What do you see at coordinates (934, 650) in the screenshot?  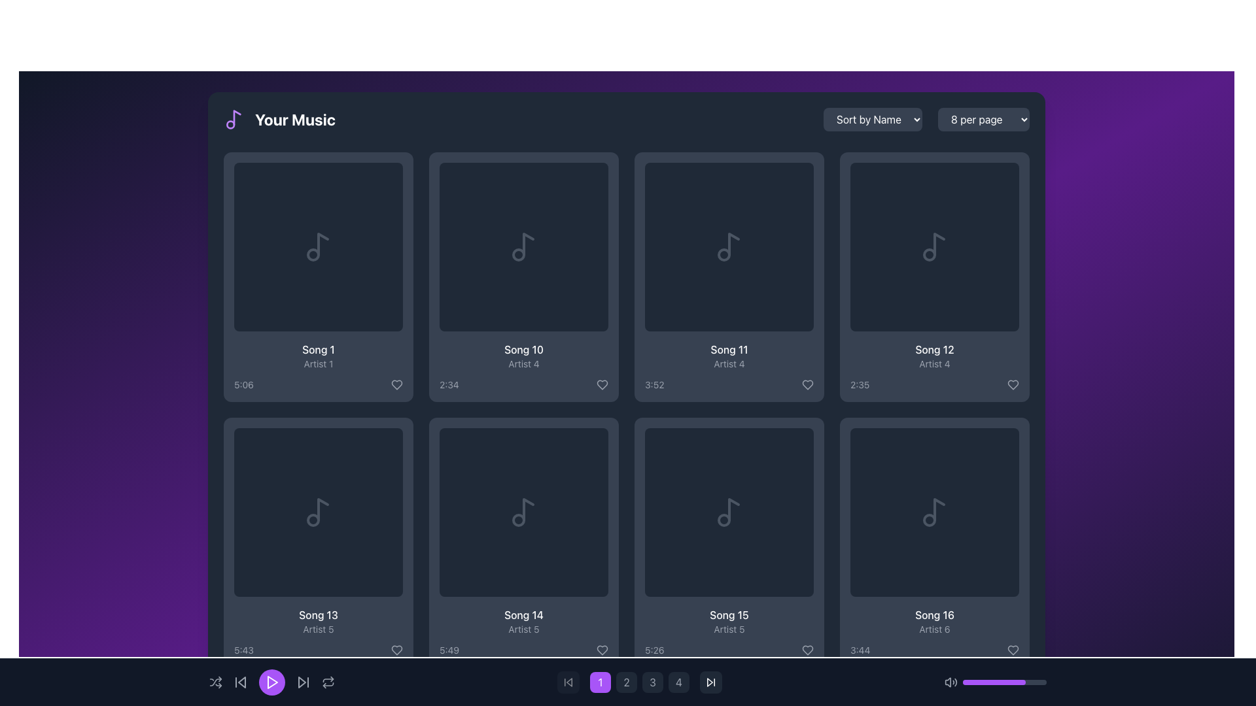 I see `the Label element displaying the duration '3:44' in gray font located at the bottom of the song card for 'Song 16' by 'Artist 6'` at bounding box center [934, 650].